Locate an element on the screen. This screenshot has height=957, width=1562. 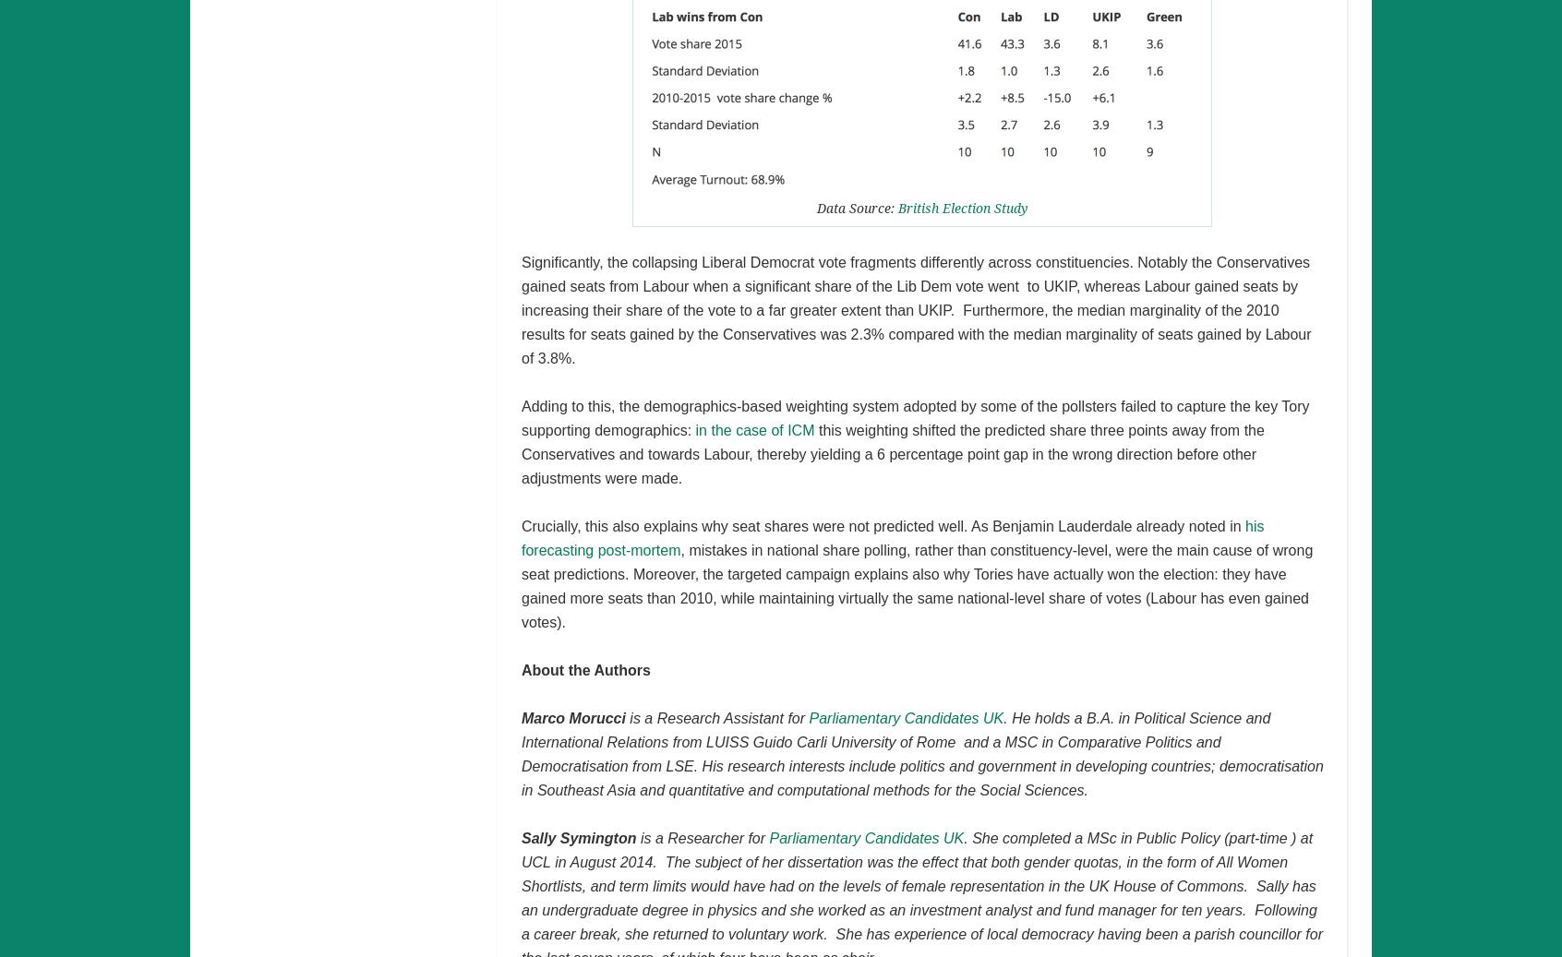
'Marco Morucci' is located at coordinates (571, 717).